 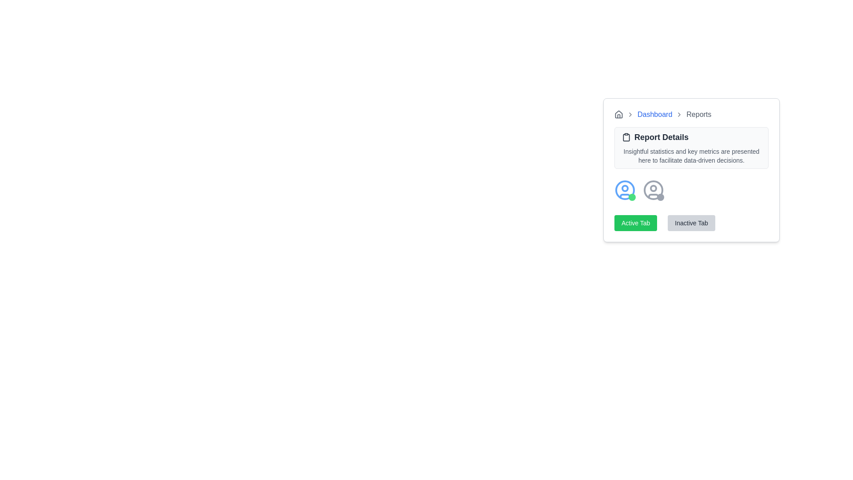 I want to click on the user avatar in the row of avatars with status indicators located below 'Report Details', so click(x=691, y=190).